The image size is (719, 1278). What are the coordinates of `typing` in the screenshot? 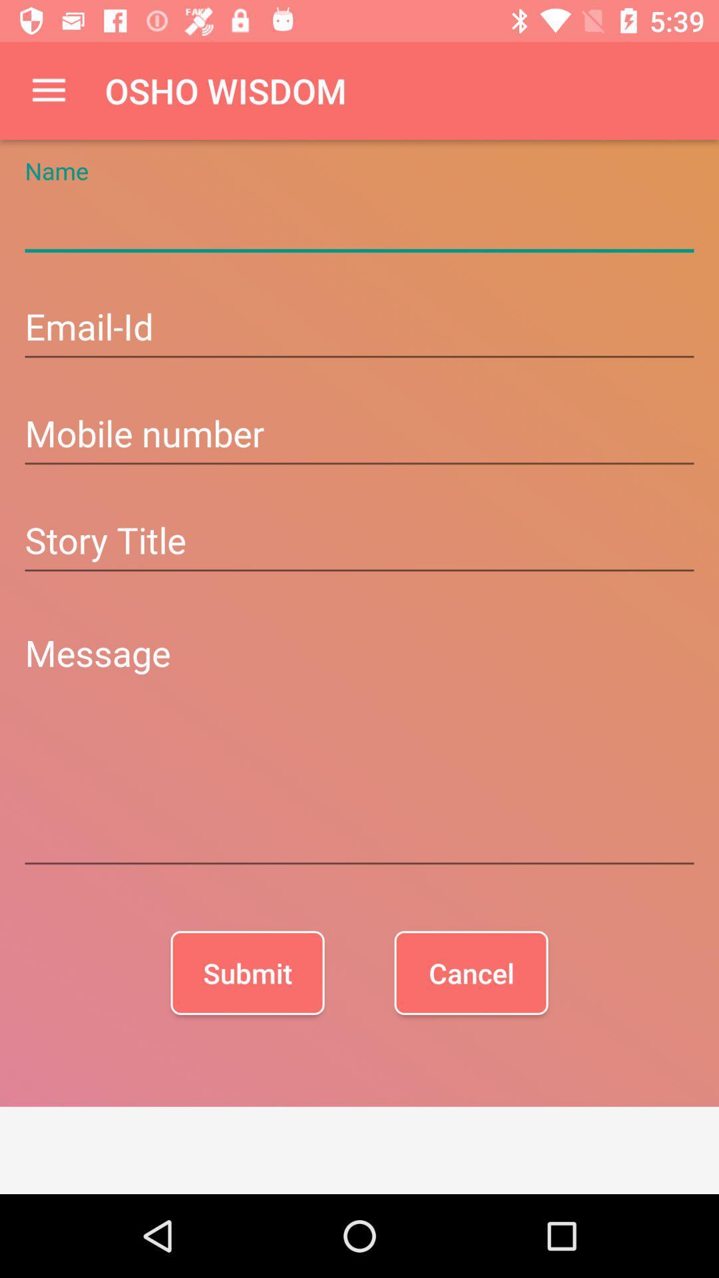 It's located at (359, 222).